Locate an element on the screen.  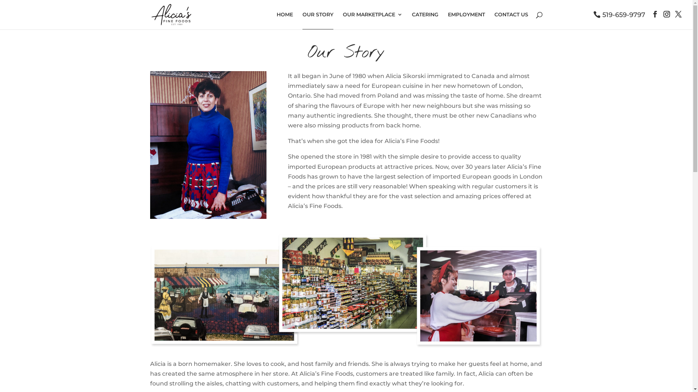
'EMPLOYMENT' is located at coordinates (466, 20).